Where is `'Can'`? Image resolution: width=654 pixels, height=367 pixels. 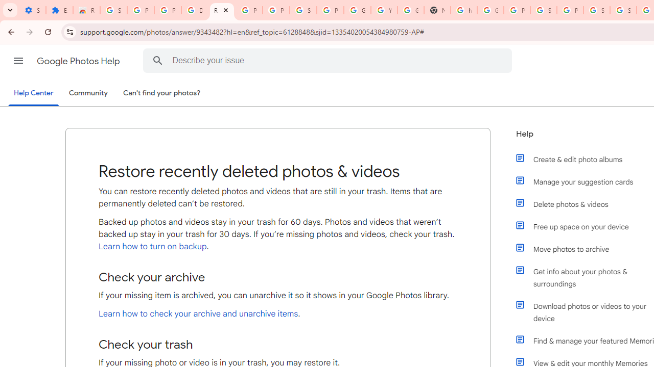 'Can' is located at coordinates (161, 93).